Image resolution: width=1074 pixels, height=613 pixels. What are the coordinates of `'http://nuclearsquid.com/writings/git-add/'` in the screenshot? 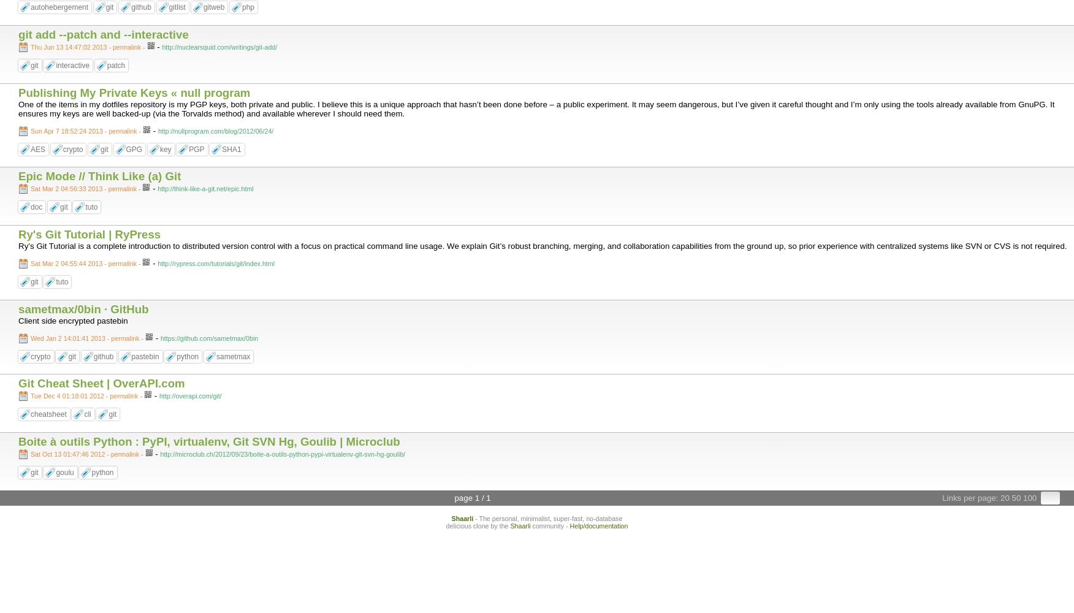 It's located at (219, 46).